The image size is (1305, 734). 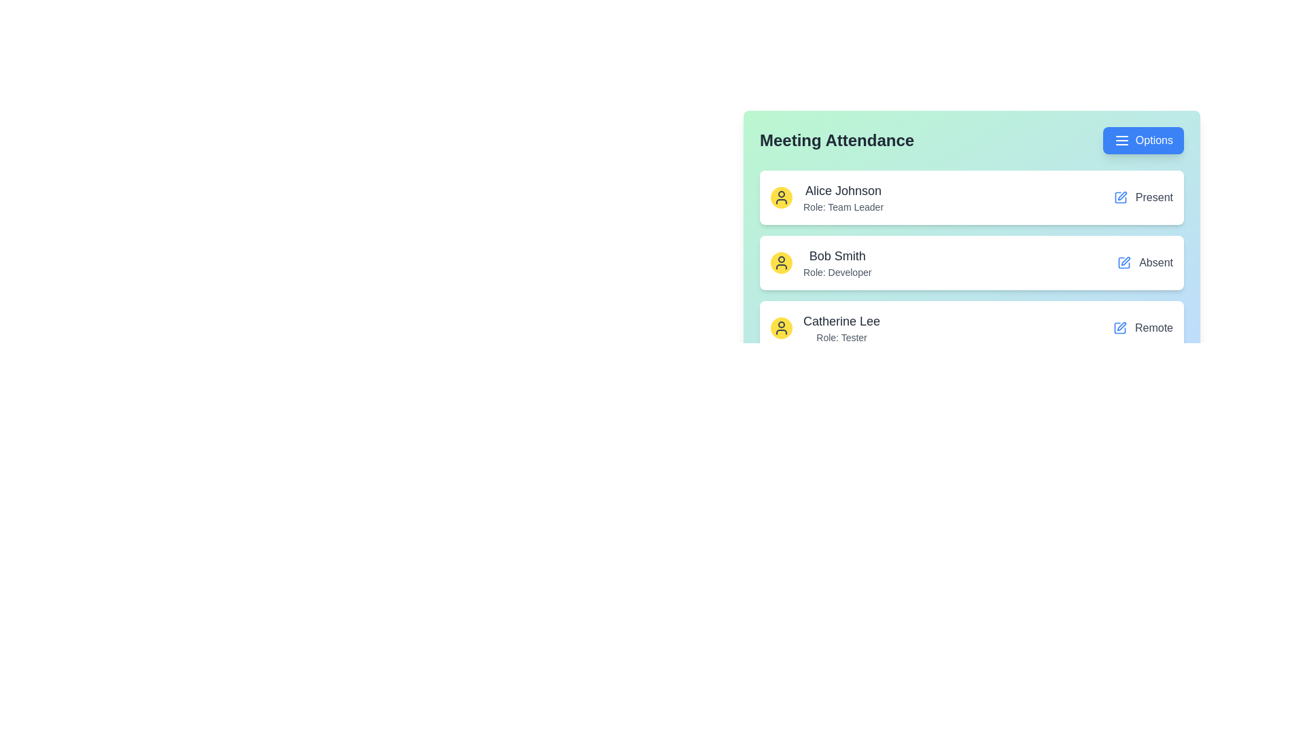 I want to click on the Text Component displaying 'Catherine Lee' which is the primary name text of the third entry in the list under 'Meeting Attendance', so click(x=841, y=321).